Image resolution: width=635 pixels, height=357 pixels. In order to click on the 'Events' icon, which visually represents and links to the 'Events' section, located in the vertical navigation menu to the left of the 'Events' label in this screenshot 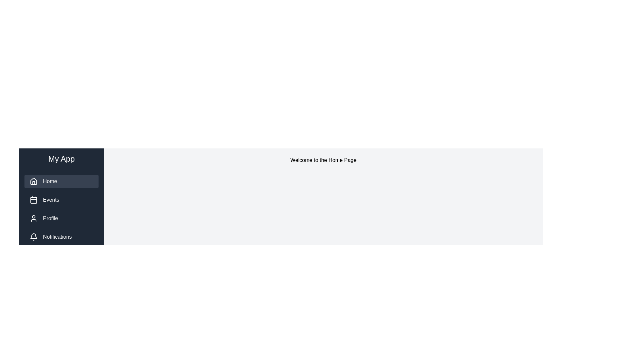, I will do `click(33, 200)`.